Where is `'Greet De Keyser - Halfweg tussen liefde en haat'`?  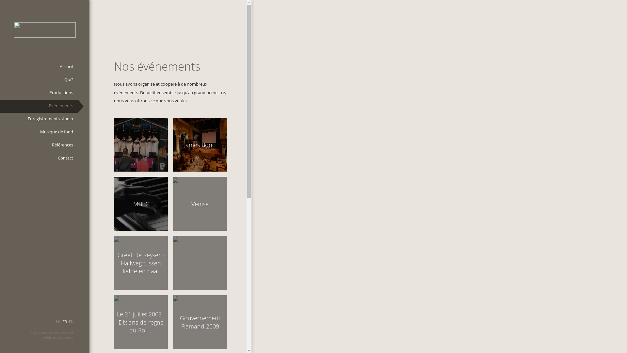
'Greet De Keyser - Halfweg tussen liefde en haat' is located at coordinates (140, 262).